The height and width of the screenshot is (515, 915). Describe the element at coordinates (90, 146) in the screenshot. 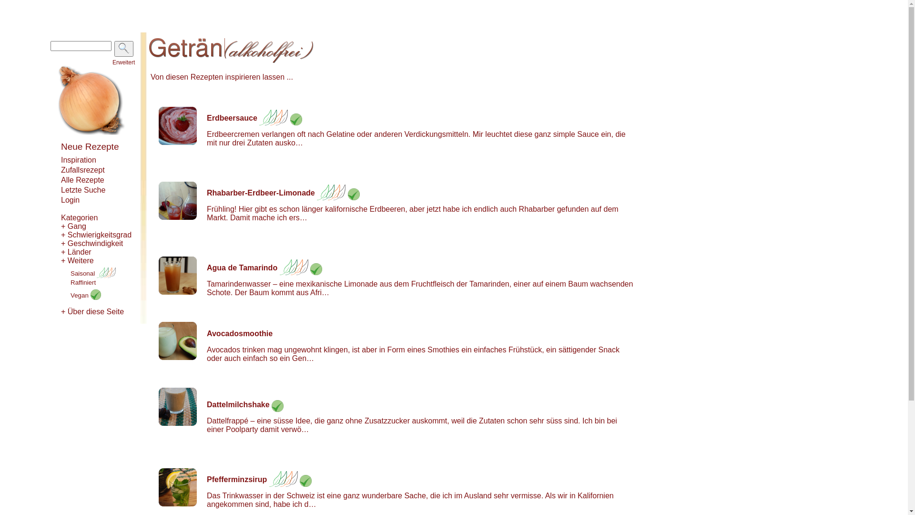

I see `'Neue Rezepte'` at that location.